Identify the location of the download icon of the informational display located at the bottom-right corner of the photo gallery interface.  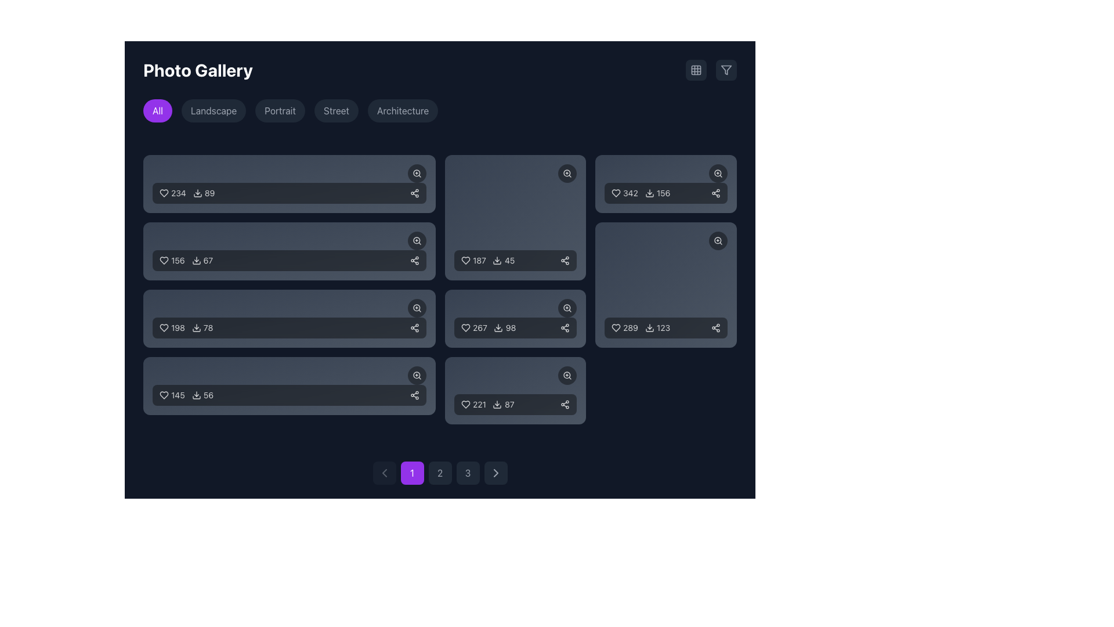
(666, 327).